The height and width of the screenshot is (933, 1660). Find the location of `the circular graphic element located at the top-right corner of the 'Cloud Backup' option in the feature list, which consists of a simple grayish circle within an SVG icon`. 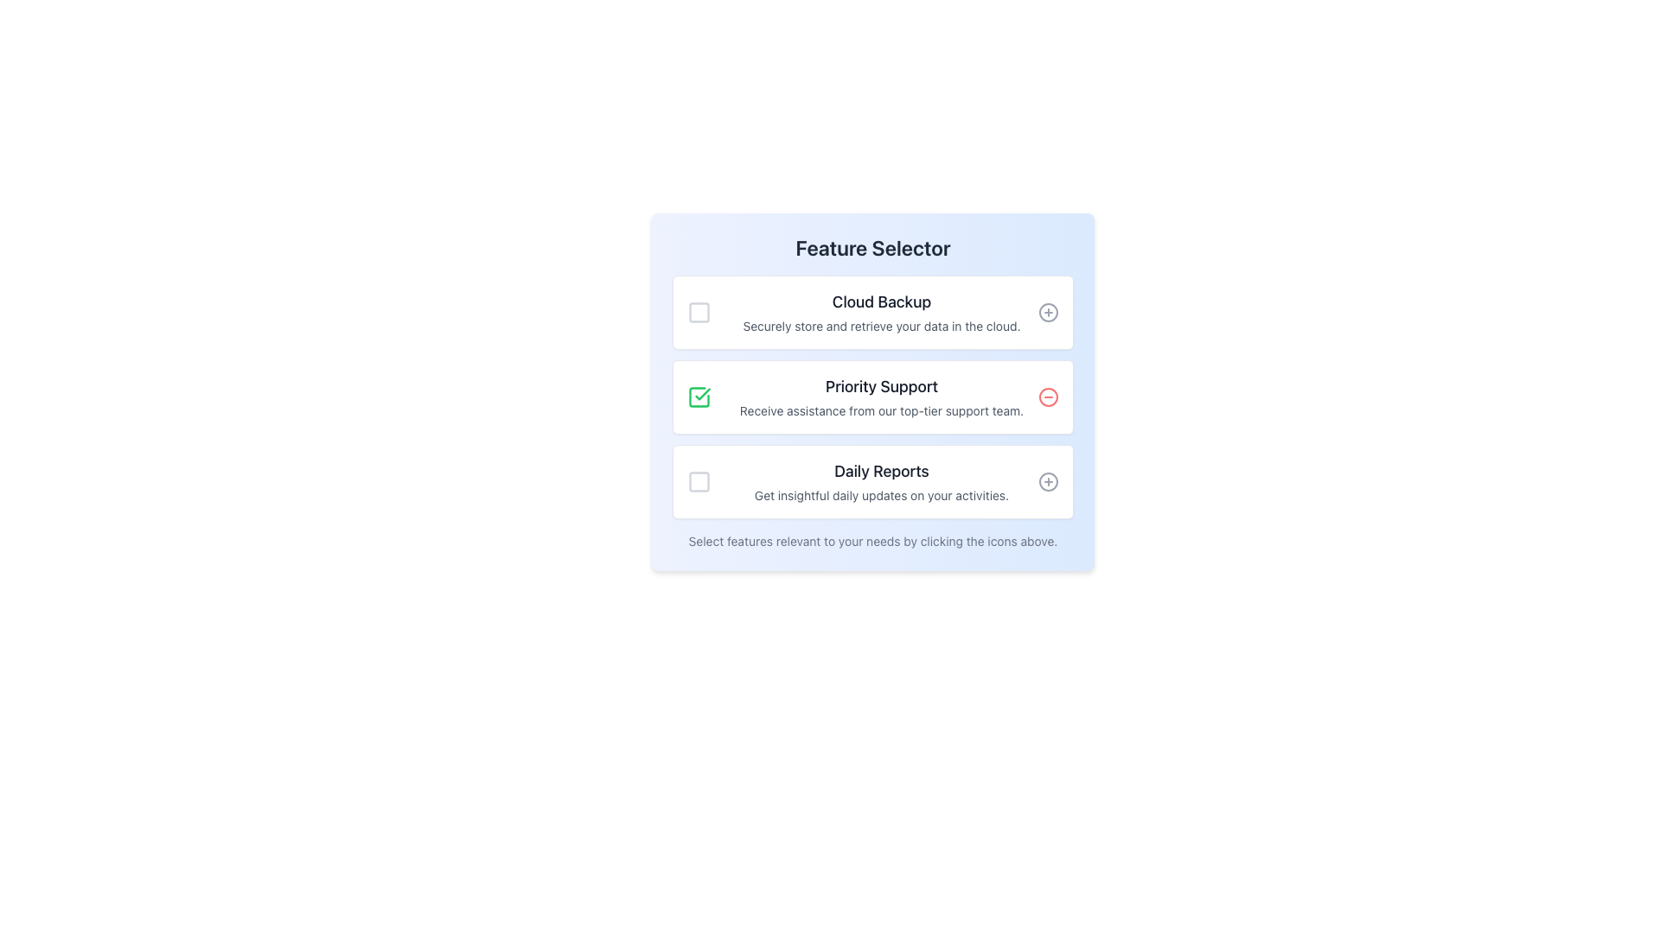

the circular graphic element located at the top-right corner of the 'Cloud Backup' option in the feature list, which consists of a simple grayish circle within an SVG icon is located at coordinates (1048, 313).